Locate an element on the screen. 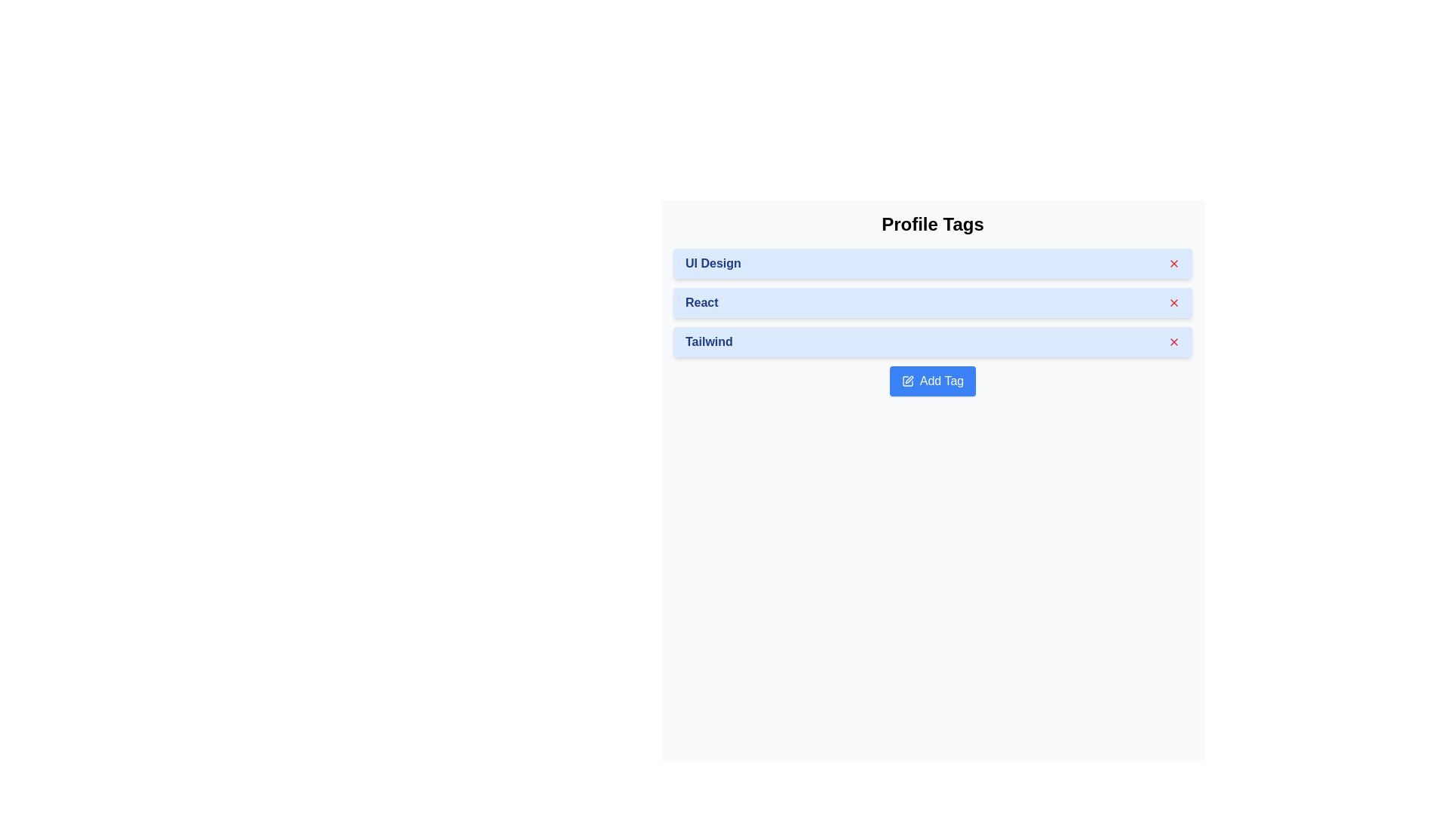 The height and width of the screenshot is (814, 1448). the text label representing a user-selected skill or topic, located in the second tag under 'Profile Tags', between 'UI Design' and 'Tailwind' is located at coordinates (701, 302).